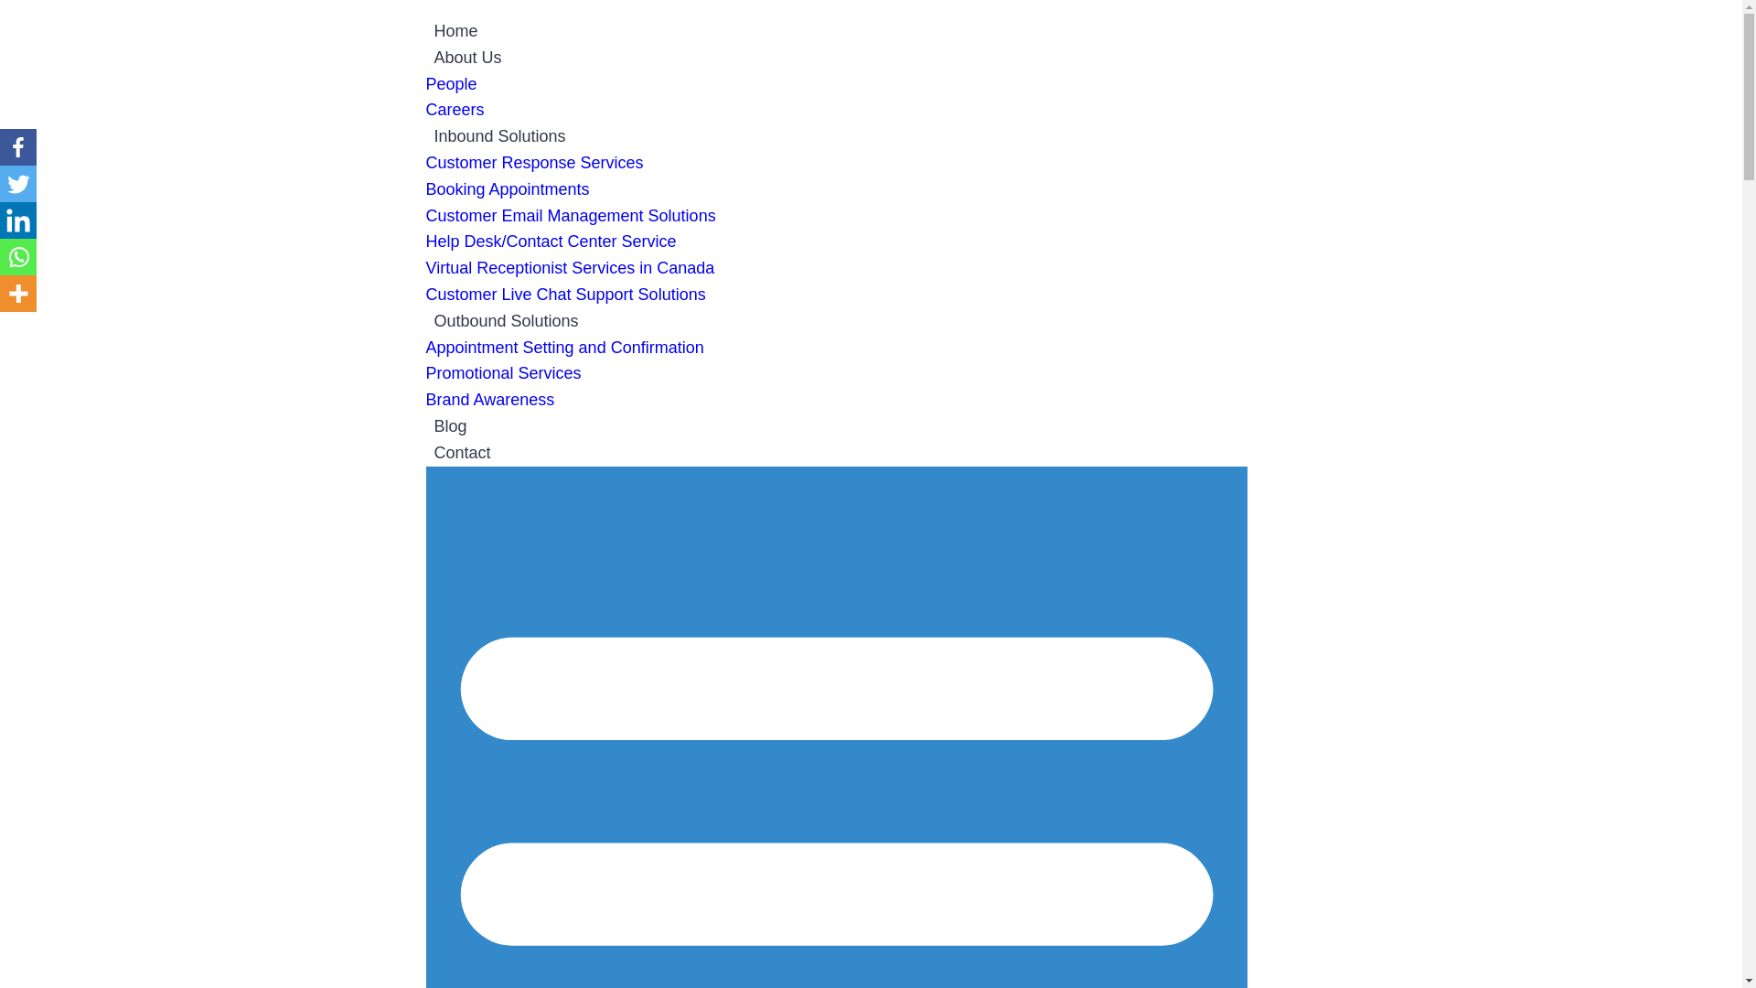 The height and width of the screenshot is (988, 1756). I want to click on 'Outbound Solutions', so click(424, 320).